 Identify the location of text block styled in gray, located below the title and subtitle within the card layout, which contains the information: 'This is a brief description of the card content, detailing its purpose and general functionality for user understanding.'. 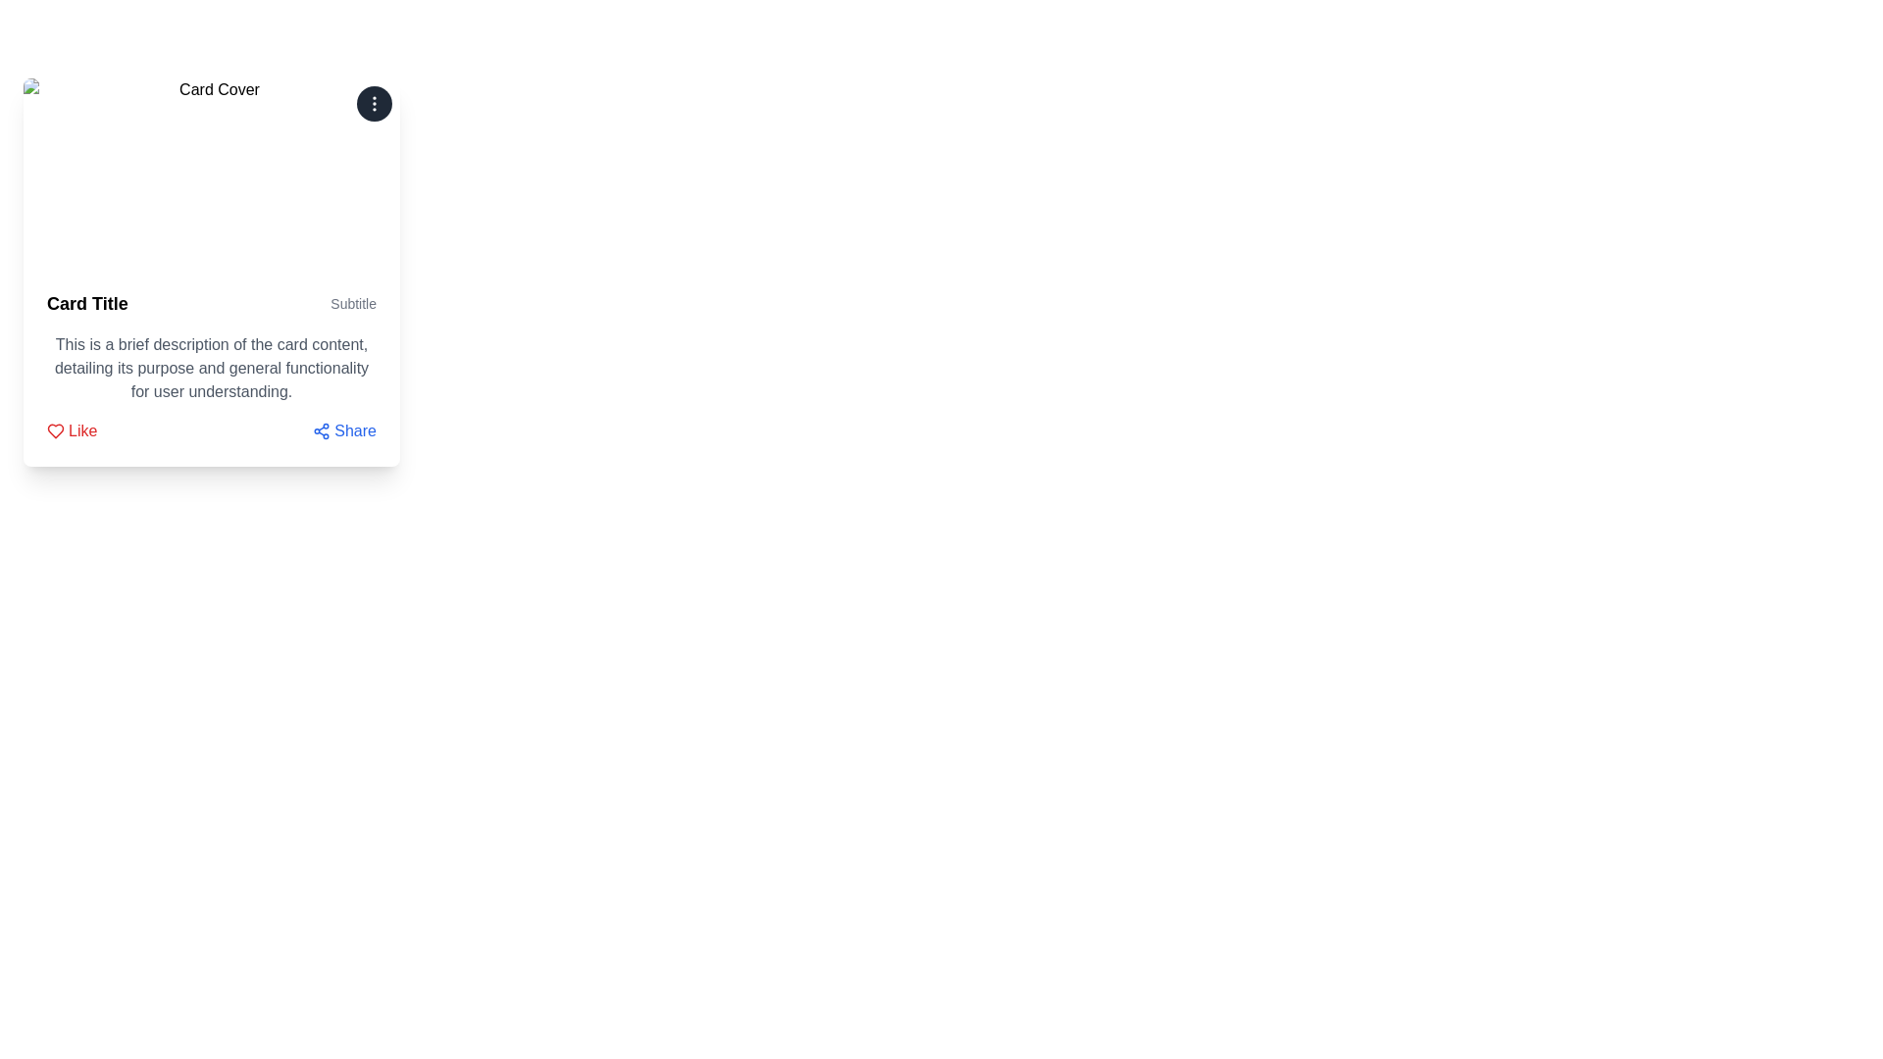
(212, 368).